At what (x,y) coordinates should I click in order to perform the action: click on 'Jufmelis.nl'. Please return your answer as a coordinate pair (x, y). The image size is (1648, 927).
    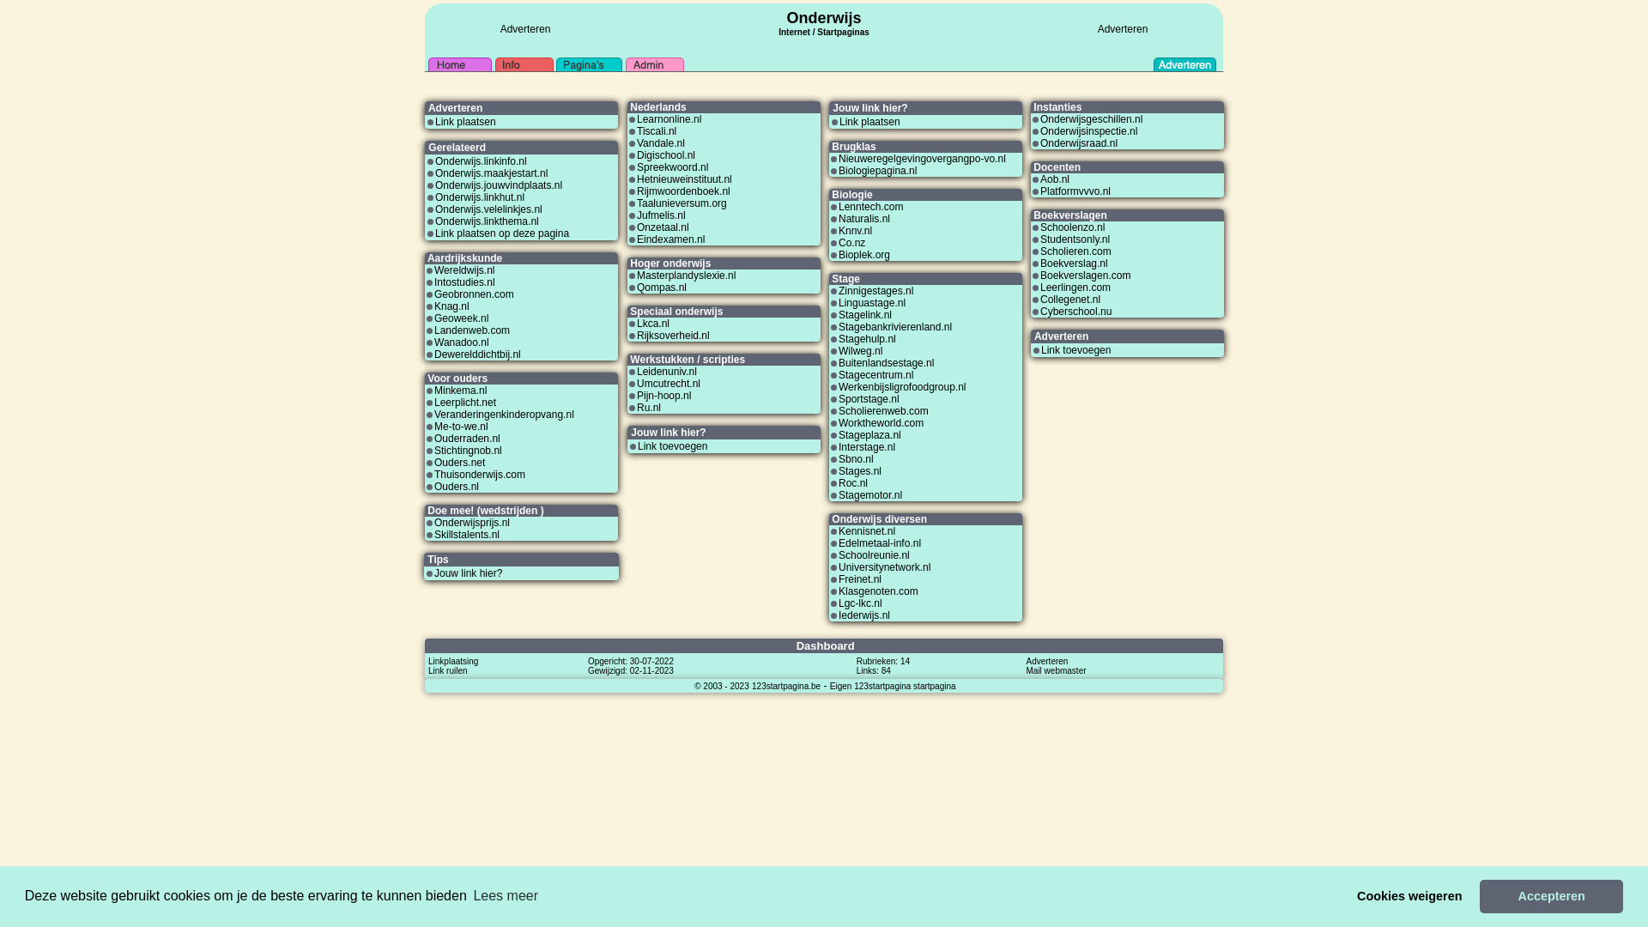
    Looking at the image, I should click on (660, 214).